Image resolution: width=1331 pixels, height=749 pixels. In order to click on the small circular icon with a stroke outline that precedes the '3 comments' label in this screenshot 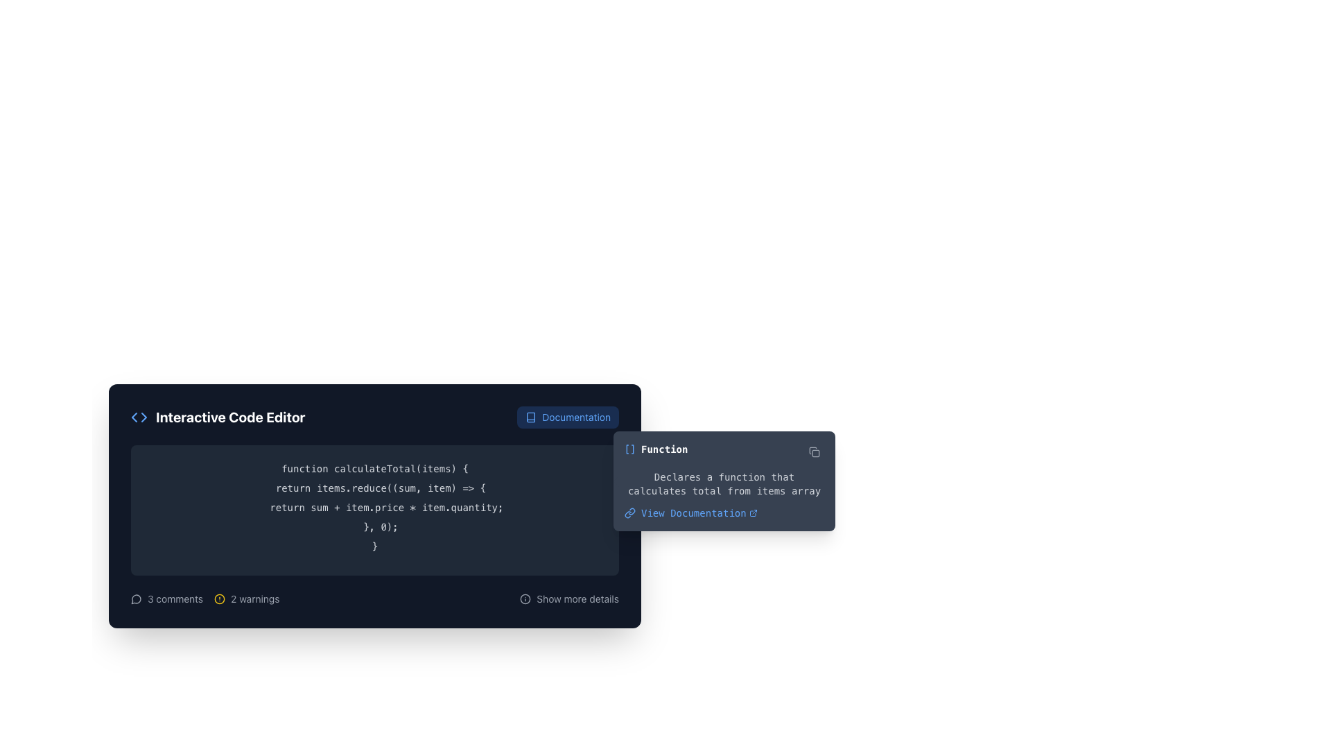, I will do `click(136, 599)`.